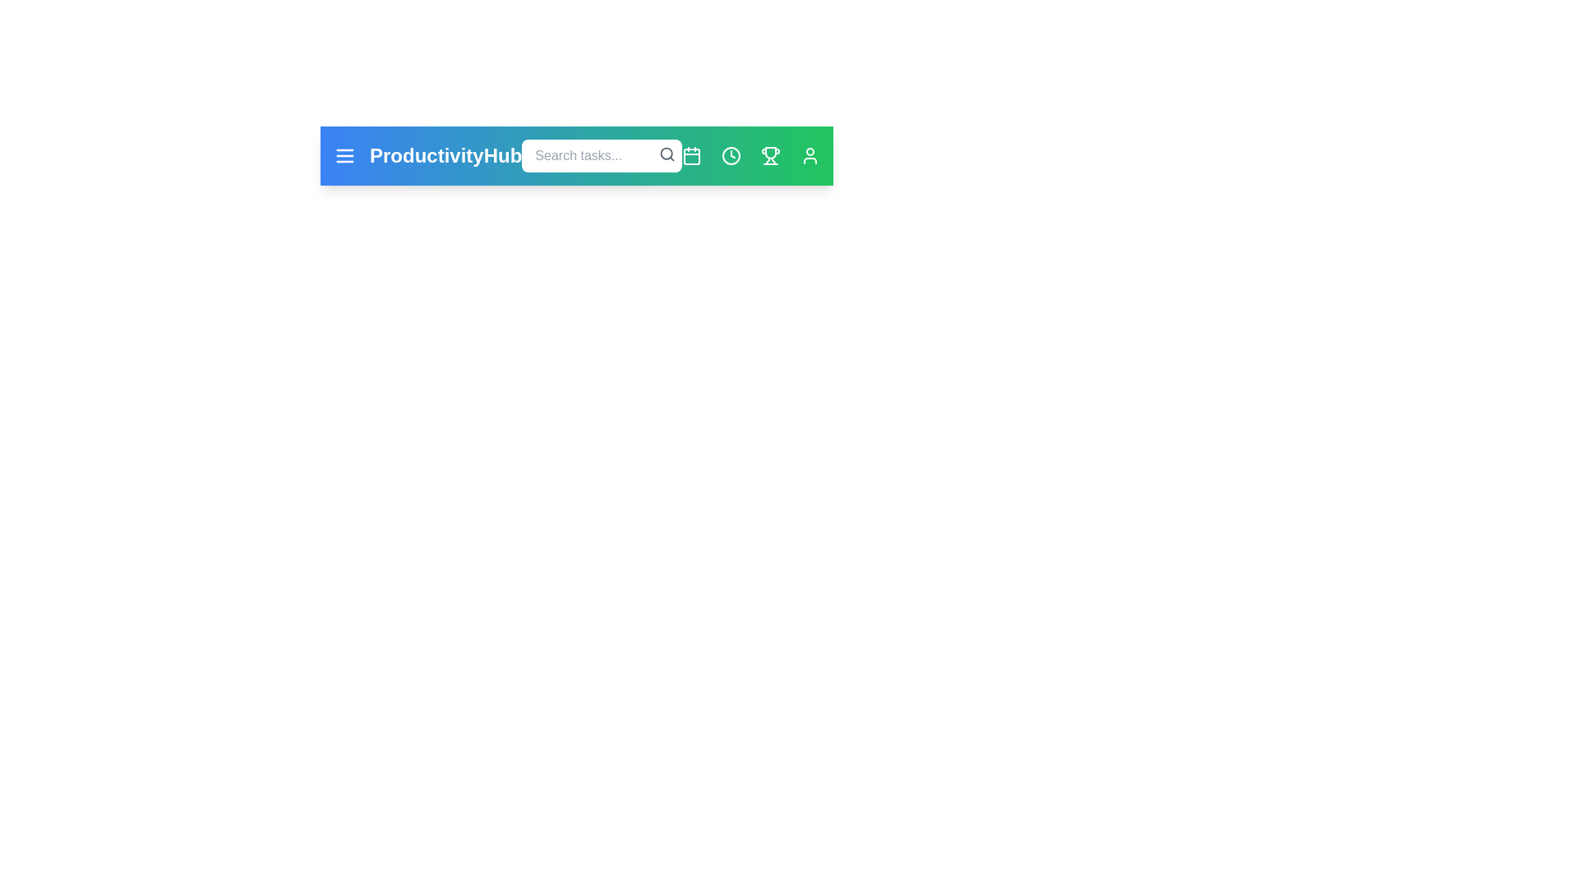 Image resolution: width=1578 pixels, height=887 pixels. What do you see at coordinates (344, 155) in the screenshot?
I see `the menu button to open the menu` at bounding box center [344, 155].